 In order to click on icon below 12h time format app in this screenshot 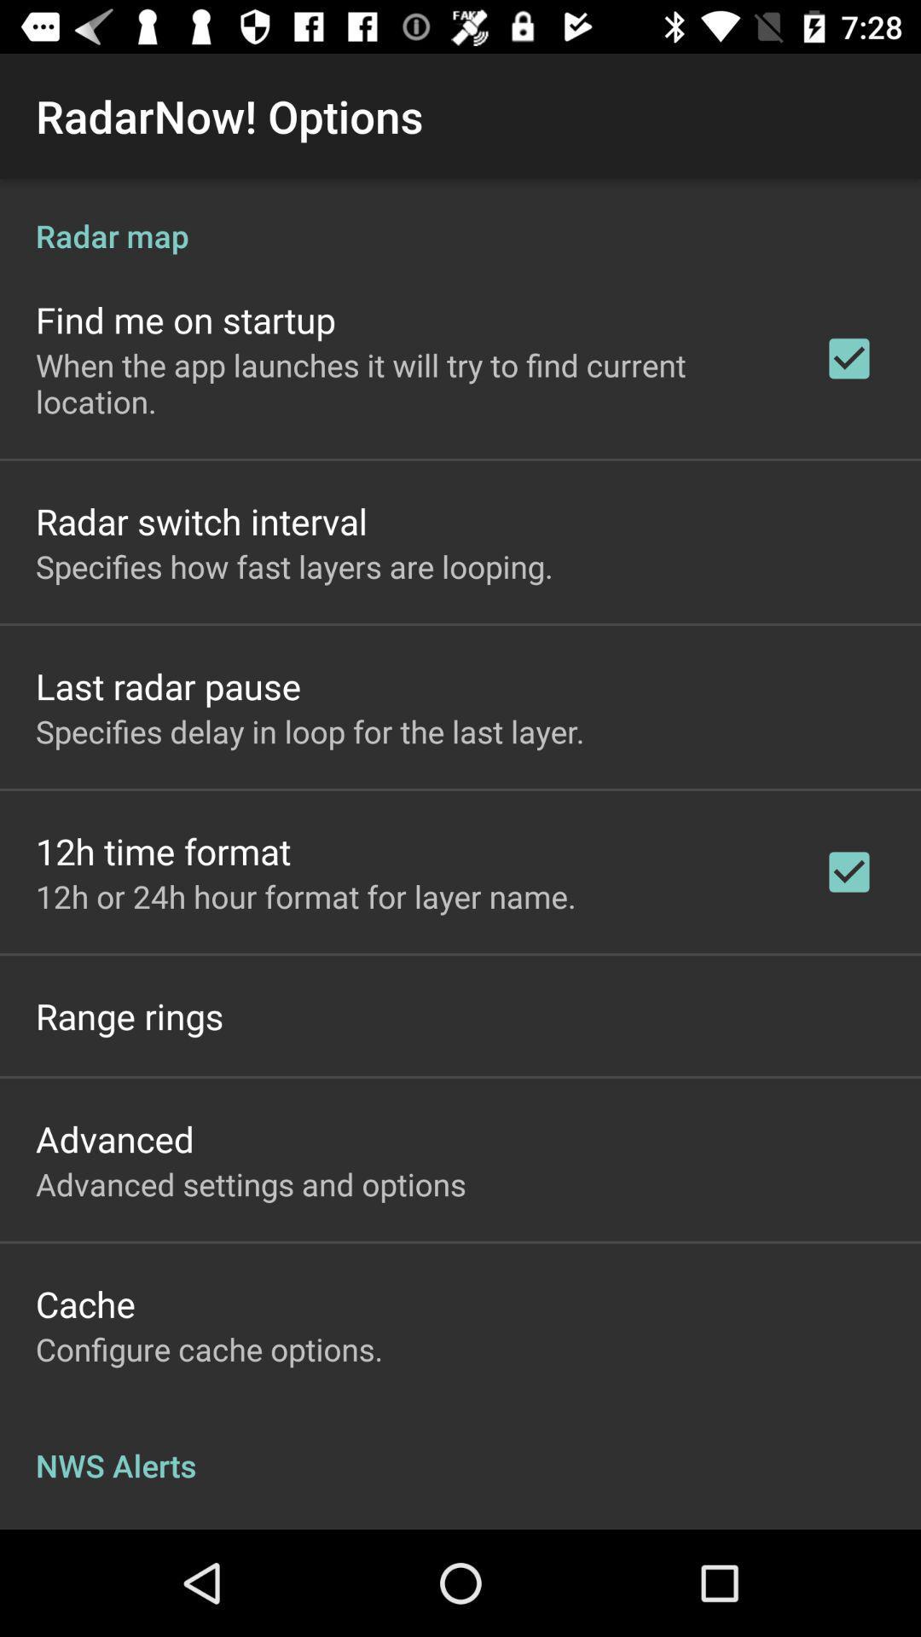, I will do `click(304, 895)`.